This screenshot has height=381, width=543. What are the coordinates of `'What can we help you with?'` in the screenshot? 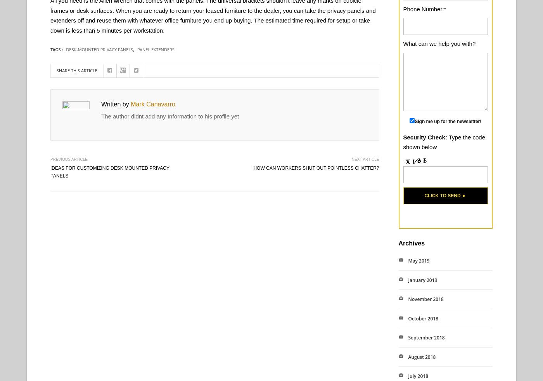 It's located at (403, 43).